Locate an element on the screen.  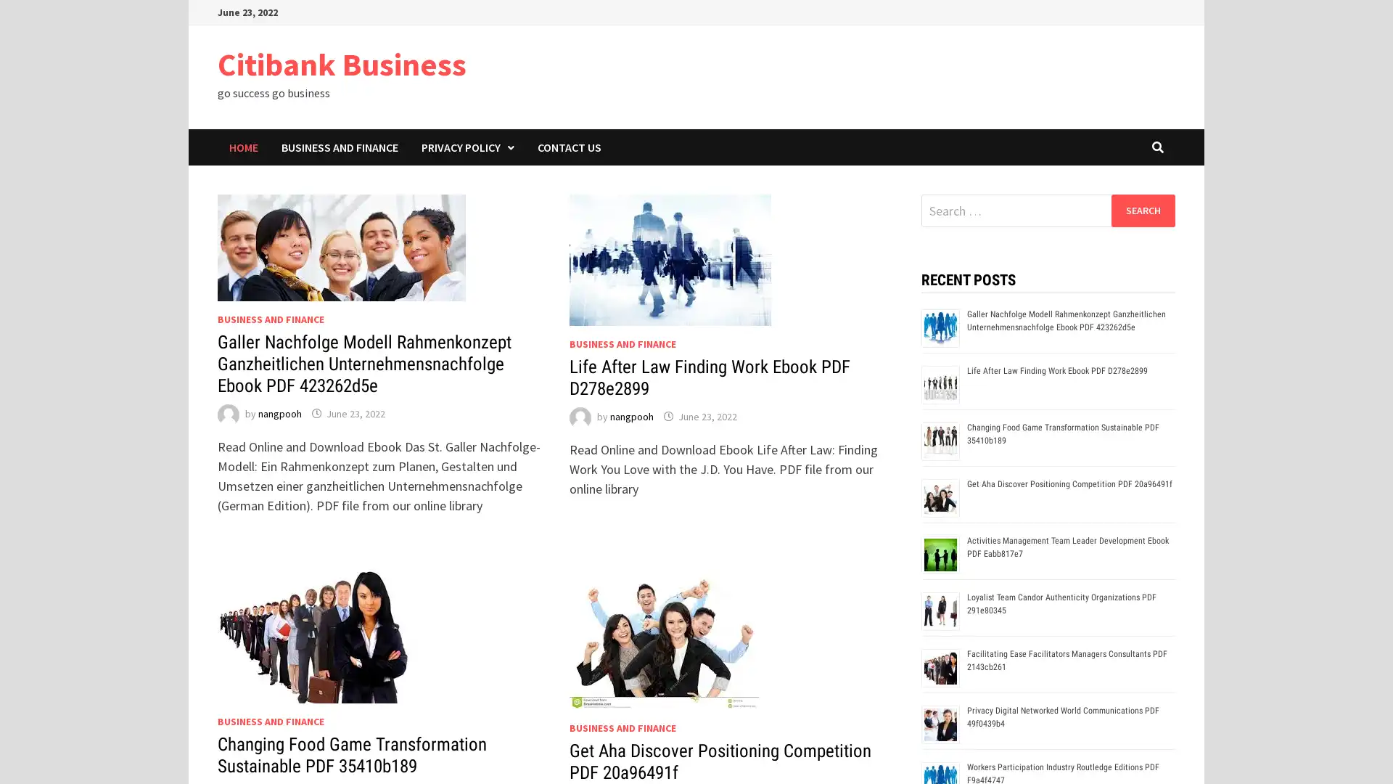
Search is located at coordinates (1142, 210).